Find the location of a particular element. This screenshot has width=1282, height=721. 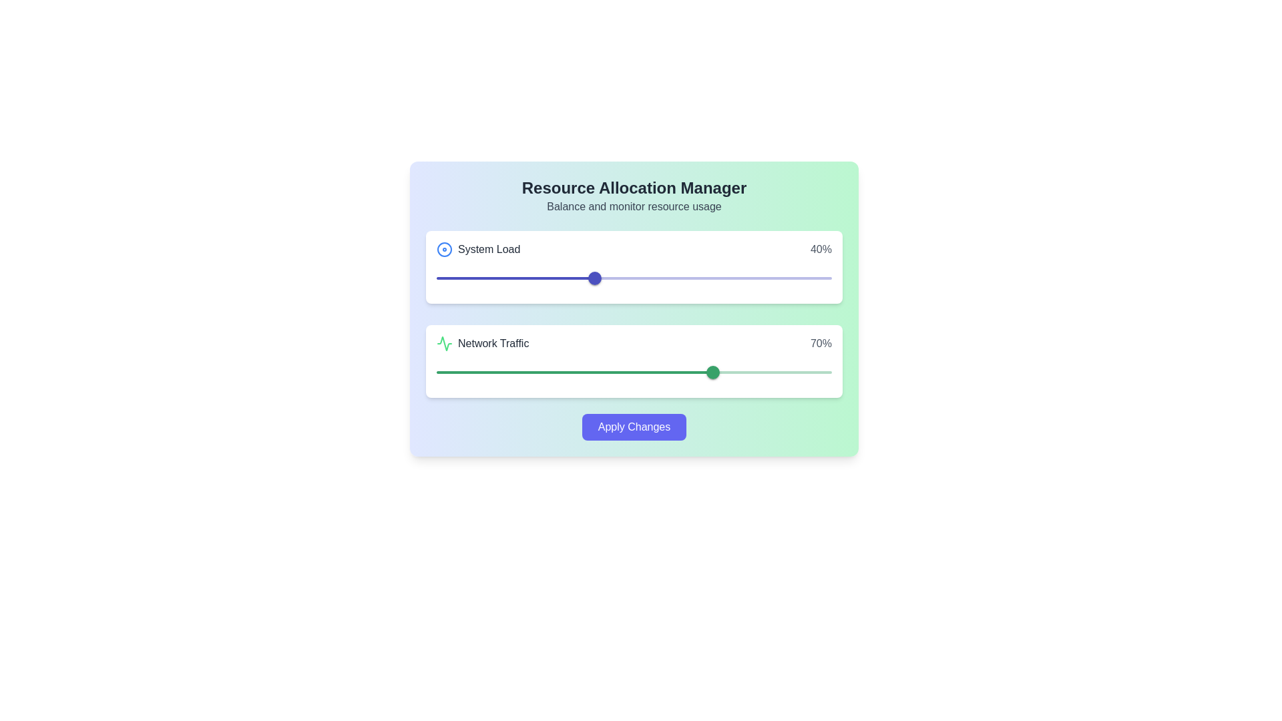

the slider value is located at coordinates (531, 373).